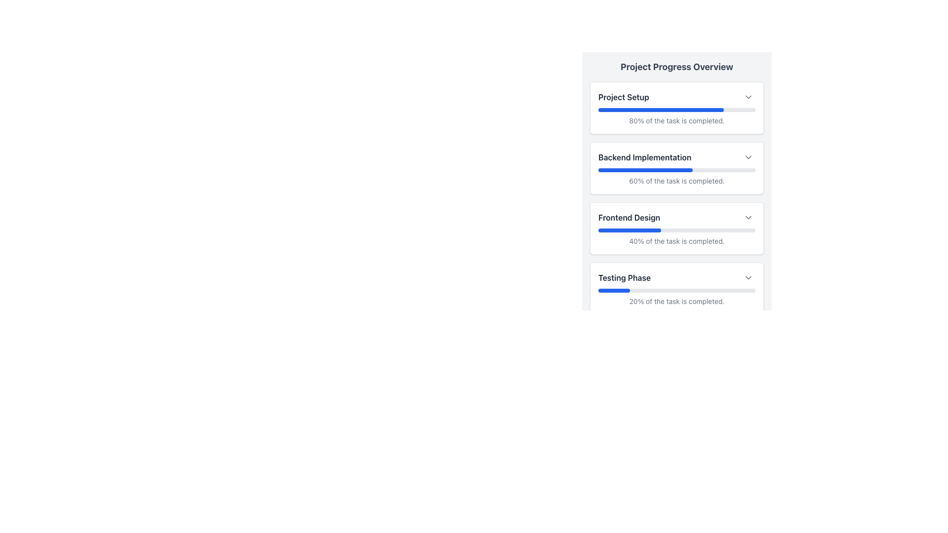 Image resolution: width=948 pixels, height=533 pixels. I want to click on the text snippet displaying '80% of the task is completed.' which is located below the blue progress bar in the 'Project Setup' section, so click(676, 120).